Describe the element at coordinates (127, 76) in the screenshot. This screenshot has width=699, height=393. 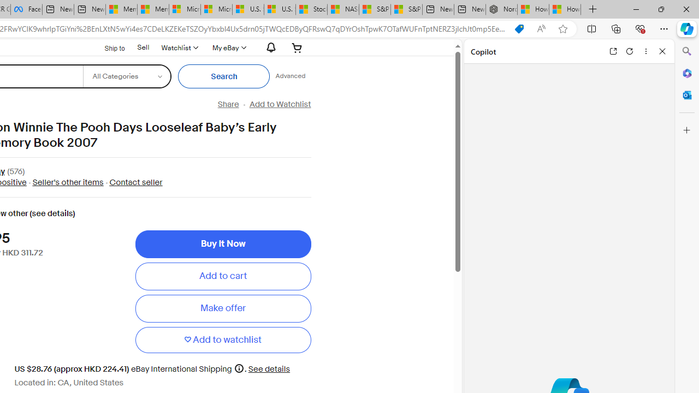
I see `'Select a category for search'` at that location.